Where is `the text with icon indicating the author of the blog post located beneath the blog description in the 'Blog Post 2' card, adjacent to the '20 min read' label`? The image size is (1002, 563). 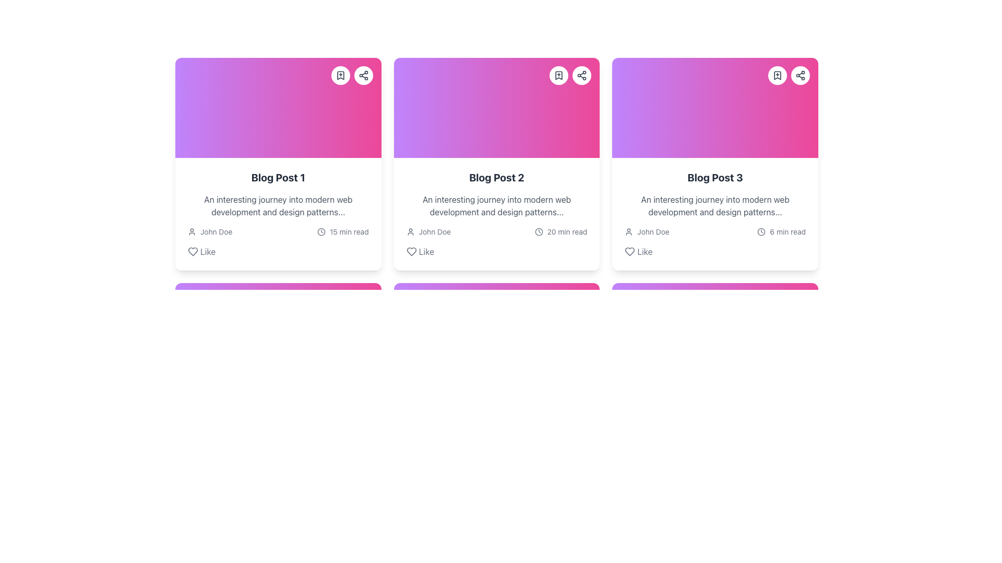 the text with icon indicating the author of the blog post located beneath the blog description in the 'Blog Post 2' card, adjacent to the '20 min read' label is located at coordinates (428, 231).